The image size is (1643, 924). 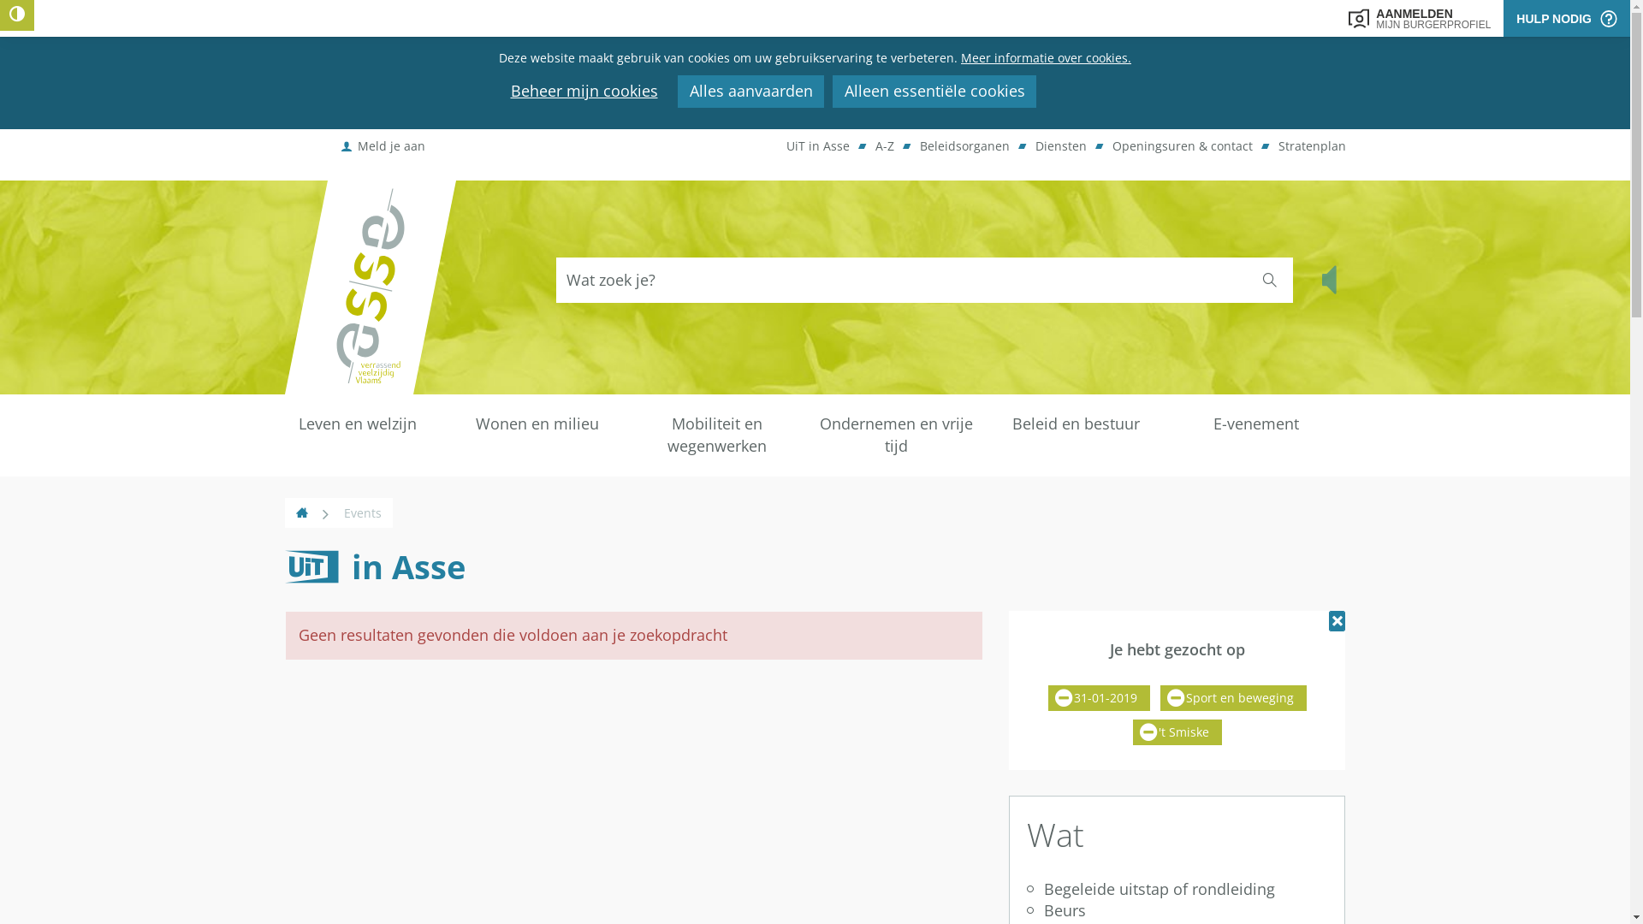 I want to click on 'Meer informatie over cookies.', so click(x=1045, y=56).